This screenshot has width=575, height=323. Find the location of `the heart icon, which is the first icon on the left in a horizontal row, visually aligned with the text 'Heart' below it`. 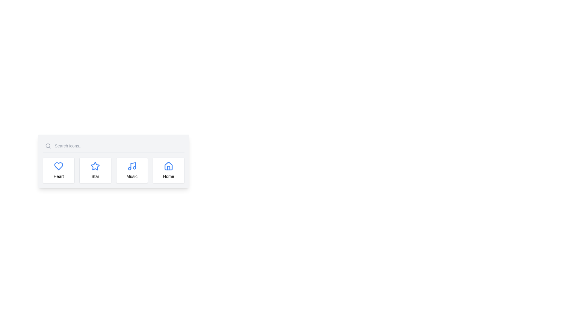

the heart icon, which is the first icon on the left in a horizontal row, visually aligned with the text 'Heart' below it is located at coordinates (59, 166).